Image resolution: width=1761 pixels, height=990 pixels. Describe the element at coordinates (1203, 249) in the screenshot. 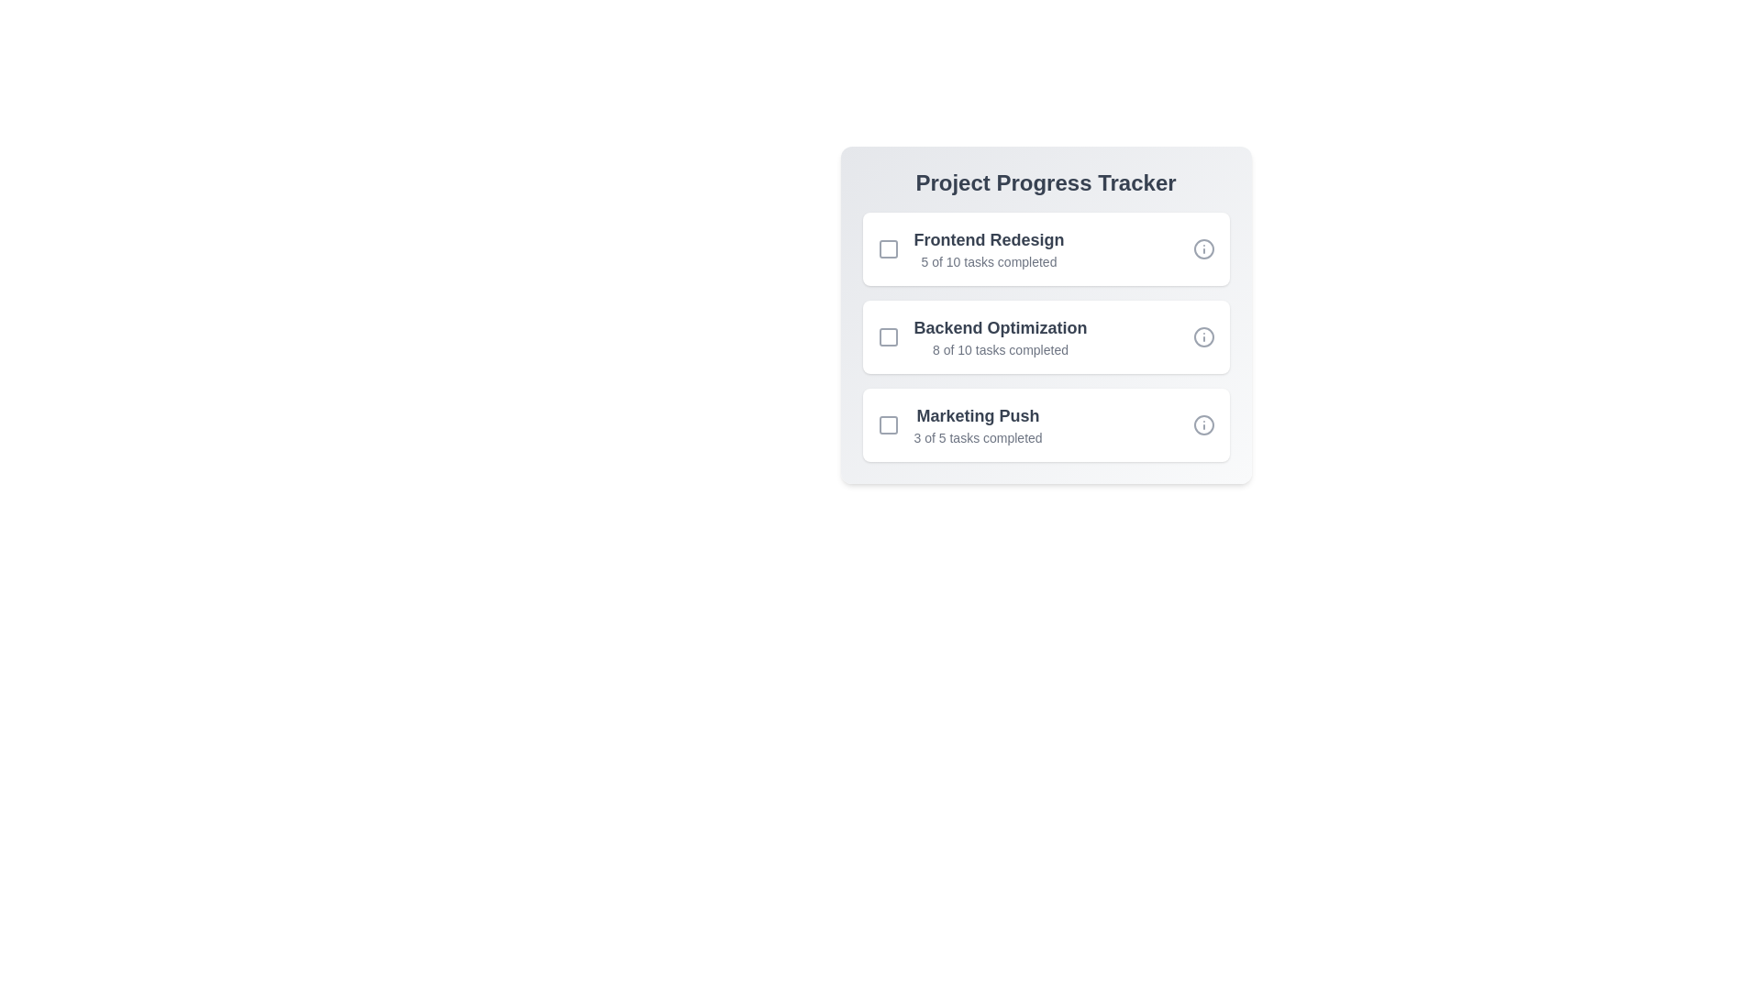

I see `the info icon for the project 'Frontend Redesign'` at that location.